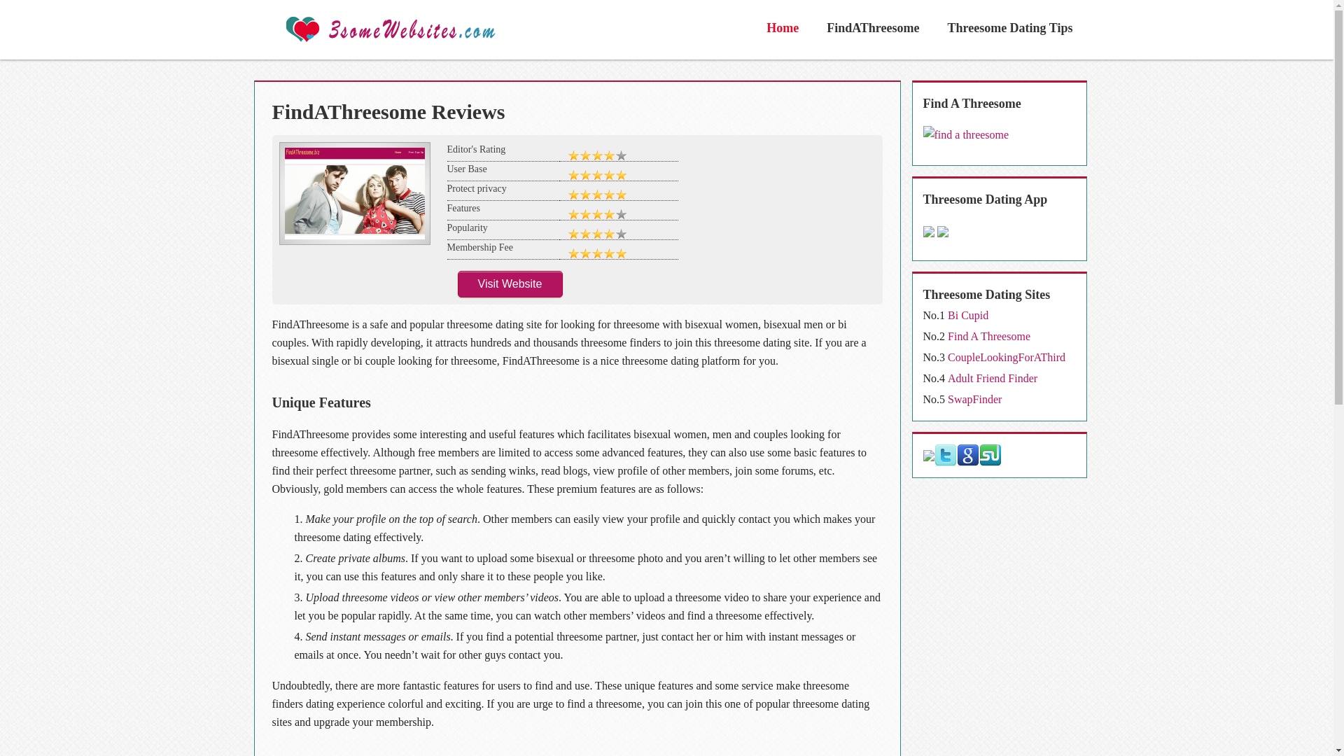 The width and height of the screenshot is (1344, 756). I want to click on 'CoupleLookingForAThird', so click(1006, 356).